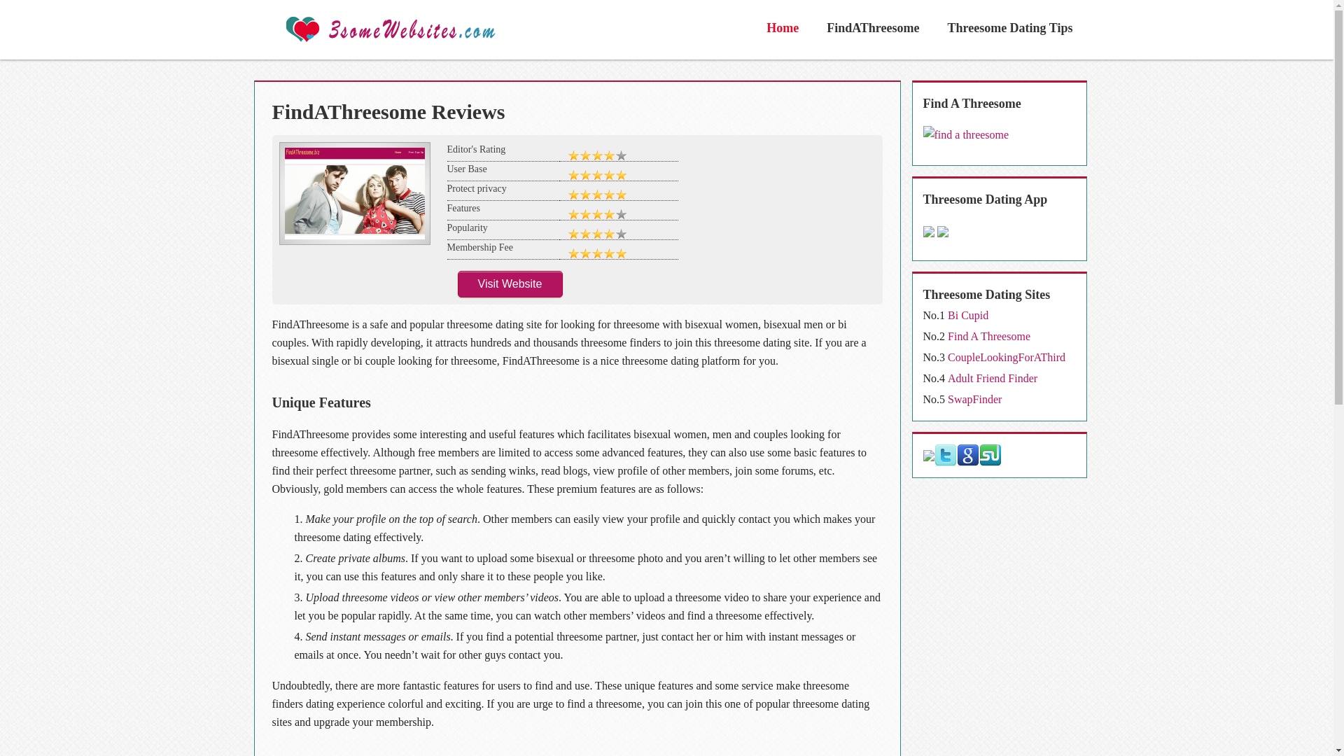 The width and height of the screenshot is (1344, 756). I want to click on 'CoupleLookingForAThird', so click(1006, 356).